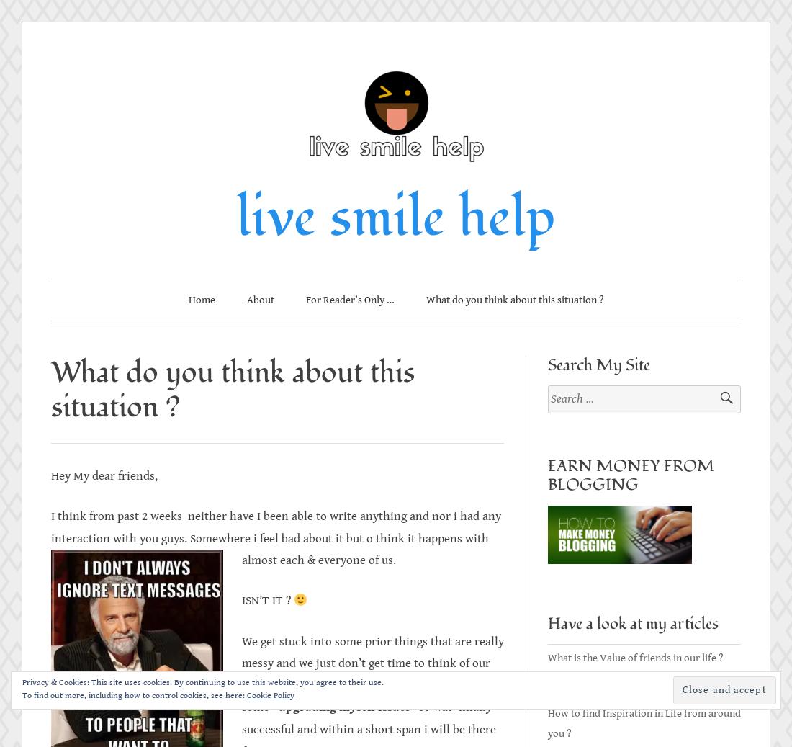 The width and height of the screenshot is (792, 747). Describe the element at coordinates (396, 216) in the screenshot. I see `'live smile help'` at that location.